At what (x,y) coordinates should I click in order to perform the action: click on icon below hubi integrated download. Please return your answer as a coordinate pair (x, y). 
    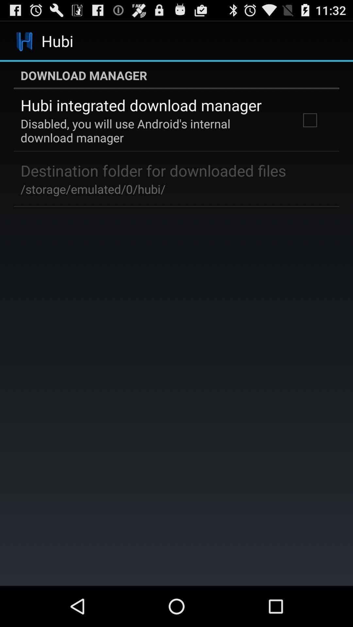
    Looking at the image, I should click on (151, 131).